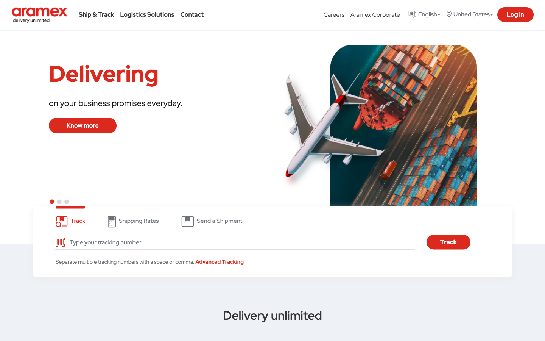 This screenshot has height=341, width=545. I want to click on a package using Advanced Tracking button, so click(220, 261).